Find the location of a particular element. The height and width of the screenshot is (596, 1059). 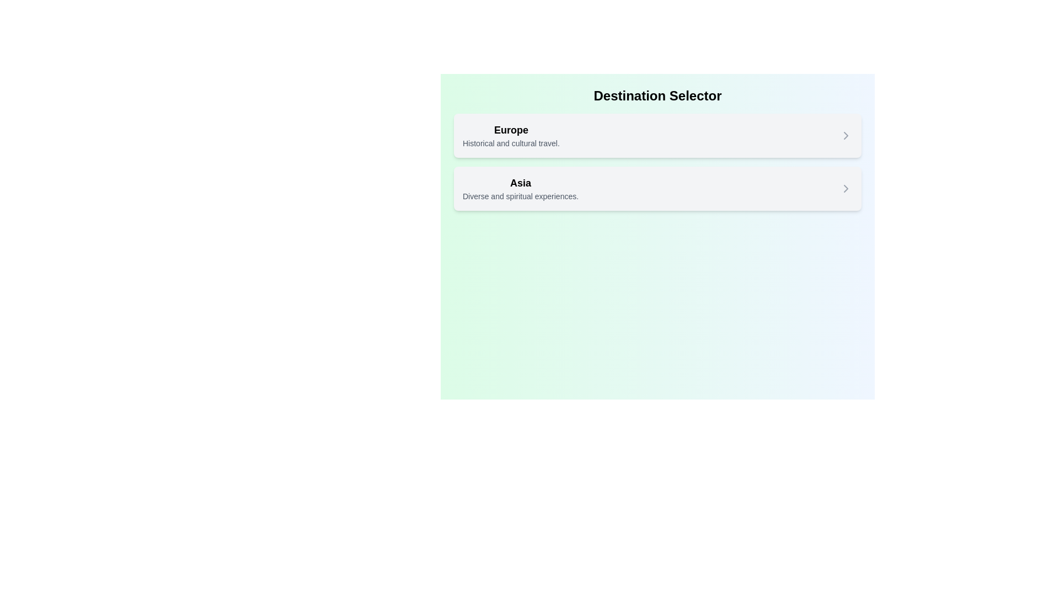

the right-pointing chevron icon next to the 'Asia' entry in the selection menu is located at coordinates (846, 188).